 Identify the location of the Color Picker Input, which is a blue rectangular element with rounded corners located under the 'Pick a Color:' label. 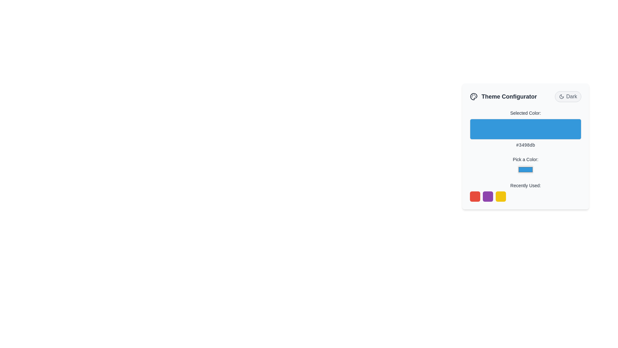
(525, 169).